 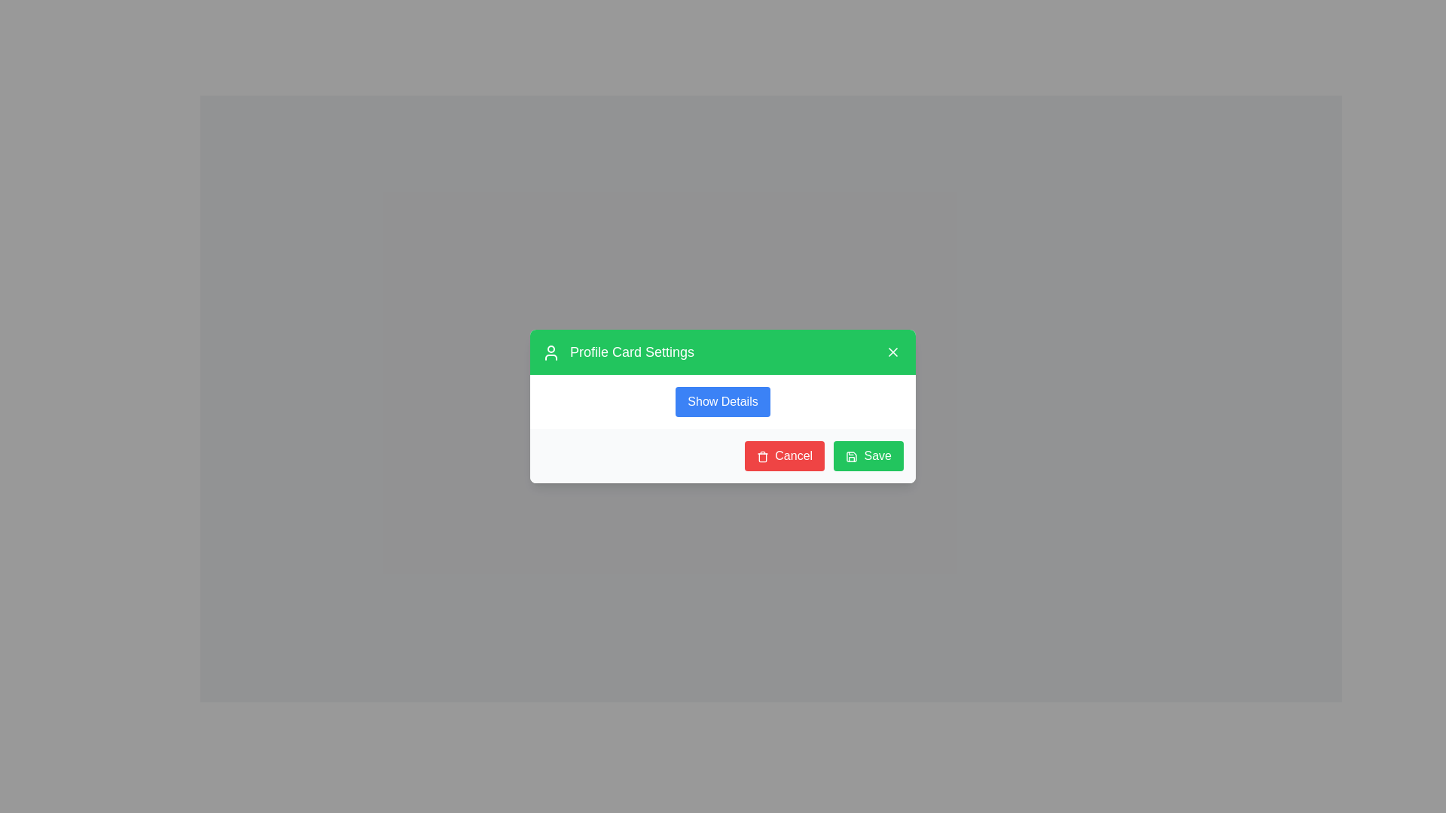 What do you see at coordinates (723, 406) in the screenshot?
I see `the button in the modal dialog to receive visual feedback` at bounding box center [723, 406].